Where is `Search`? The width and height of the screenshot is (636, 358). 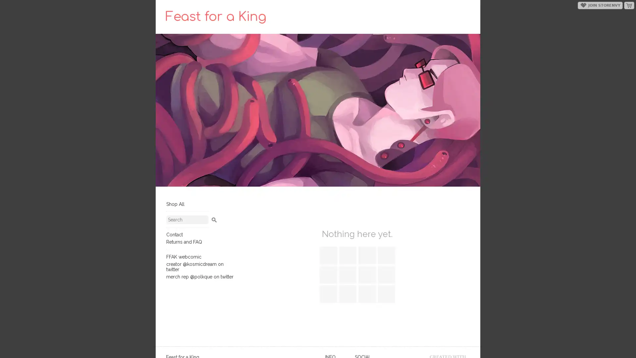
Search is located at coordinates (214, 218).